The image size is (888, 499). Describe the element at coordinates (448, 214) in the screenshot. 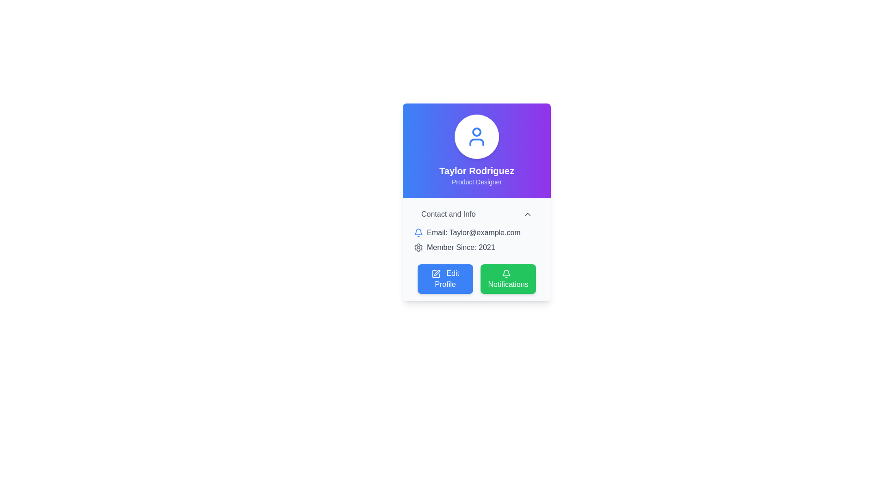

I see `the text label indicating contact details and user information, which is positioned at the center of the profile card` at that location.